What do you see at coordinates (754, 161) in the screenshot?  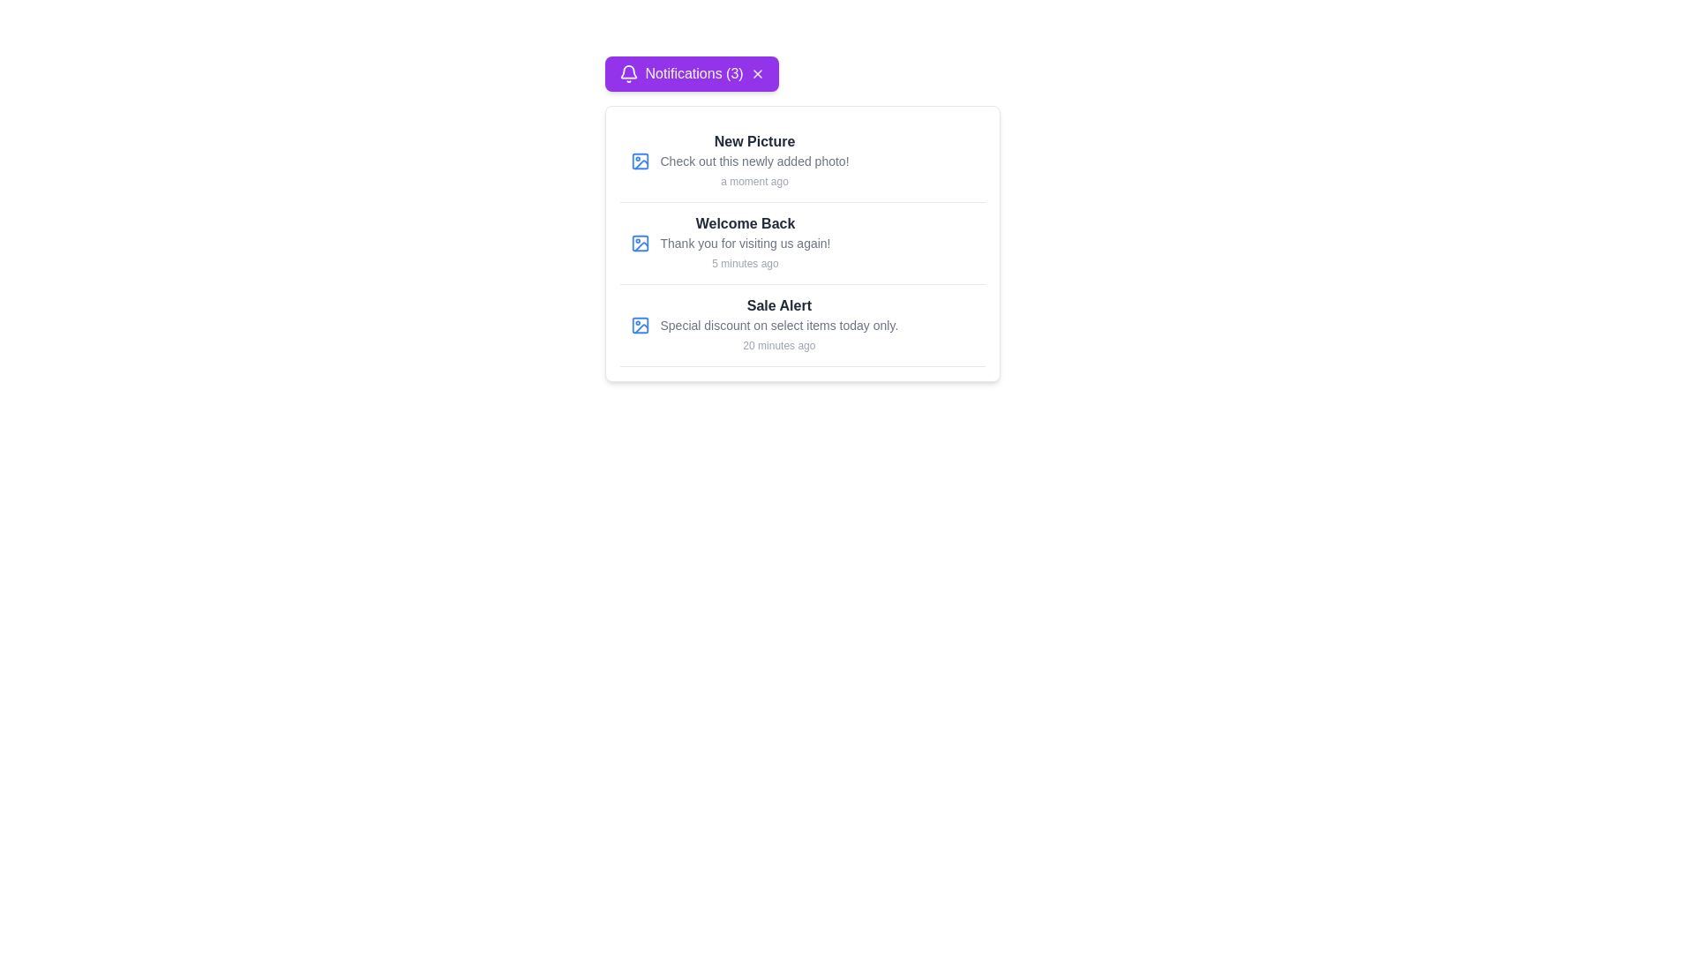 I see `the first notification entry in the notifications list` at bounding box center [754, 161].